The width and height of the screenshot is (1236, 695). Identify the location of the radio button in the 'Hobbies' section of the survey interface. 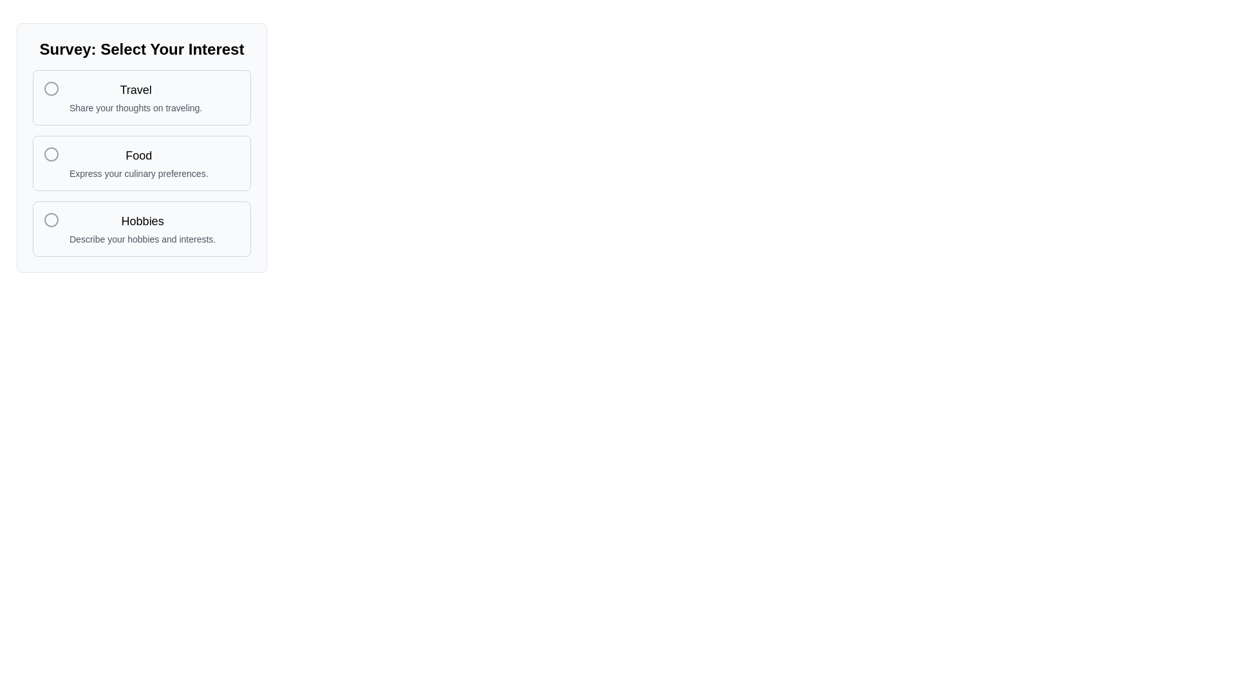
(51, 219).